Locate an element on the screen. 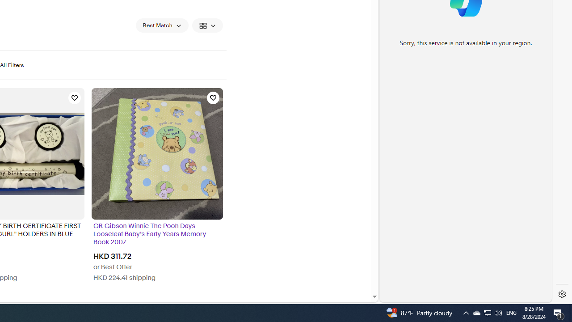  'Sort: Best Match' is located at coordinates (162, 25).